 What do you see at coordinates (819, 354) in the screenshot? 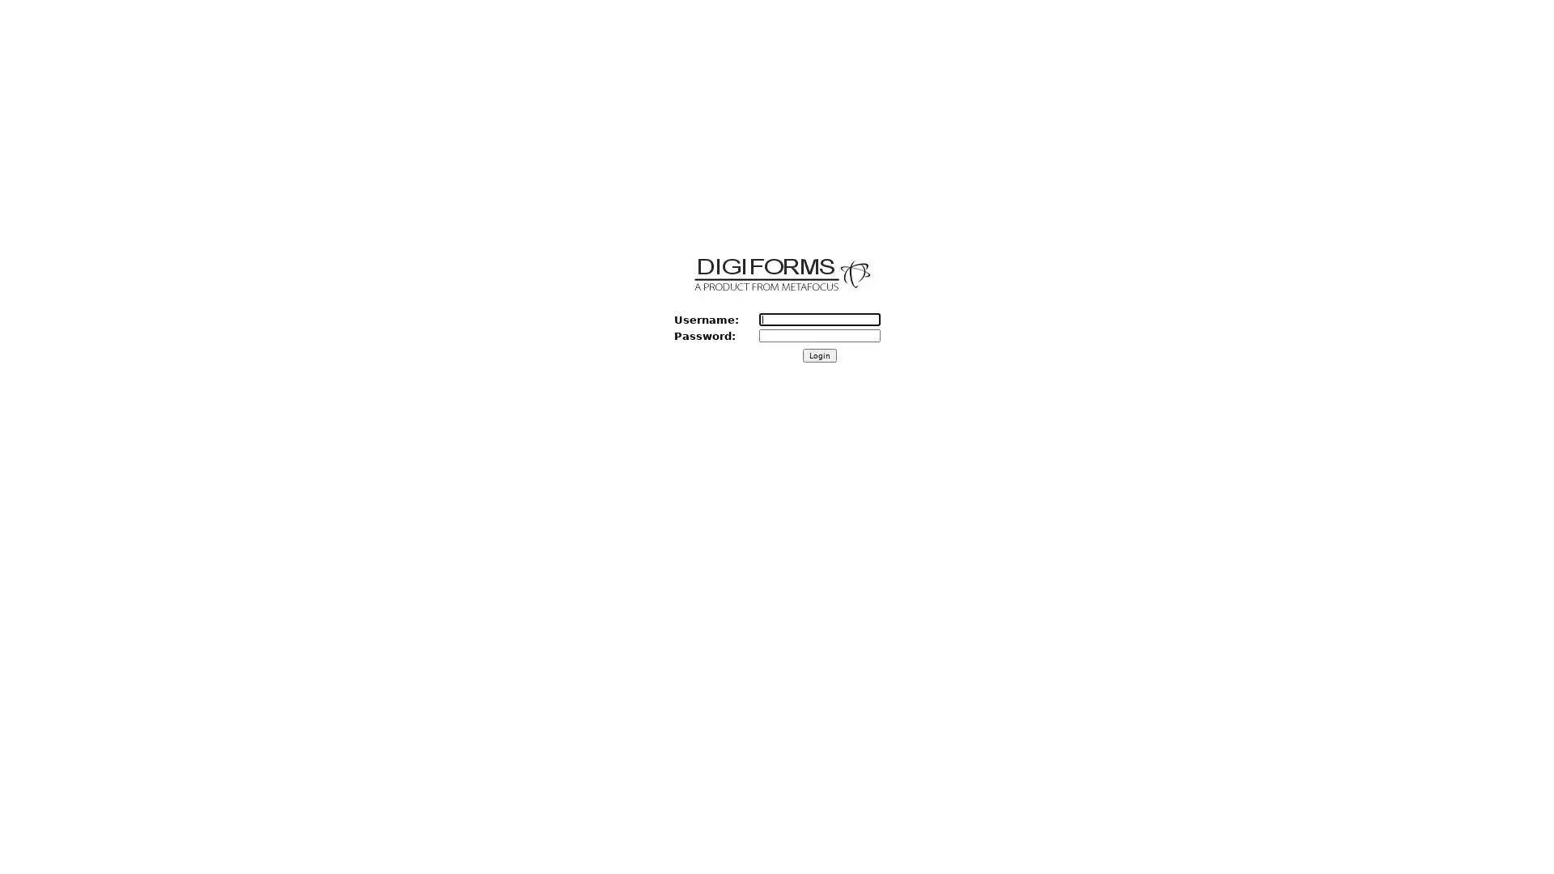
I see `Login` at bounding box center [819, 354].